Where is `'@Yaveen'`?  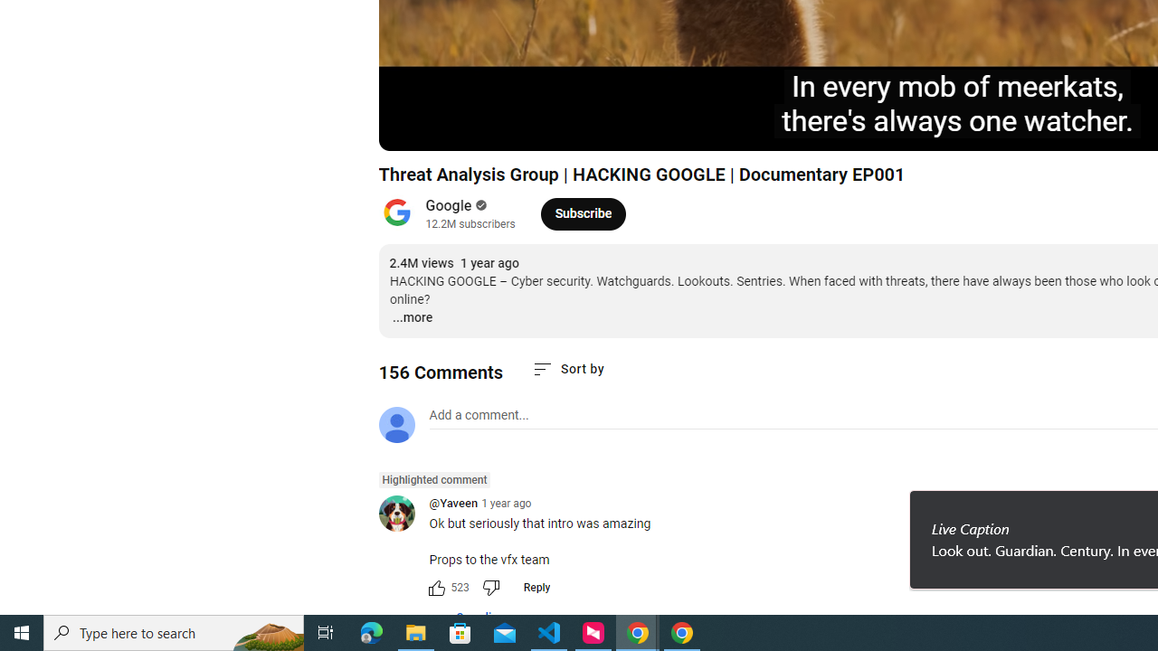
'@Yaveen' is located at coordinates (453, 505).